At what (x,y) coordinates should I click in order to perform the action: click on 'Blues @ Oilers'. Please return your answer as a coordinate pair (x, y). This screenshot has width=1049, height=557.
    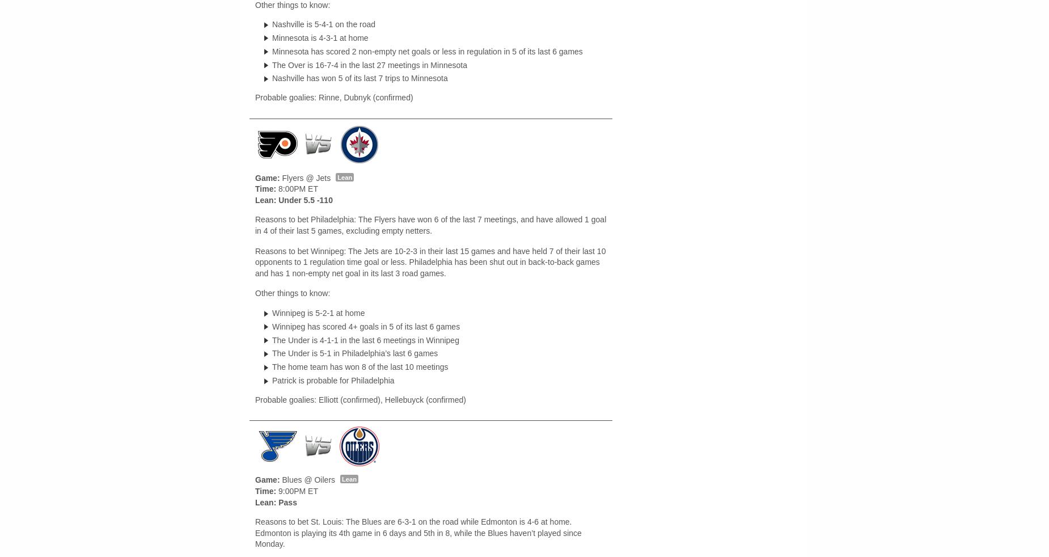
    Looking at the image, I should click on (308, 479).